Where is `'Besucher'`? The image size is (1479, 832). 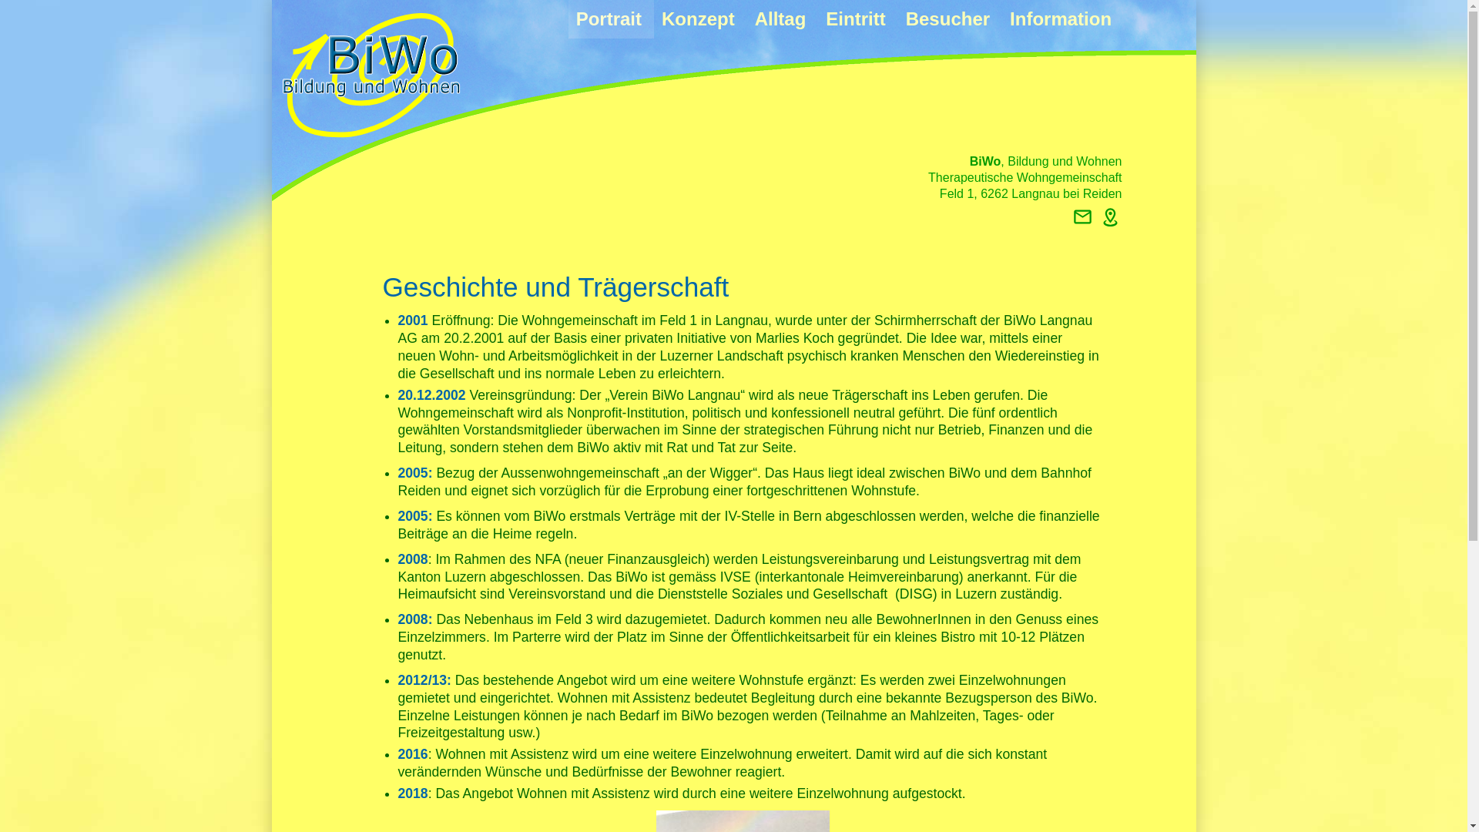
'Besucher' is located at coordinates (898, 18).